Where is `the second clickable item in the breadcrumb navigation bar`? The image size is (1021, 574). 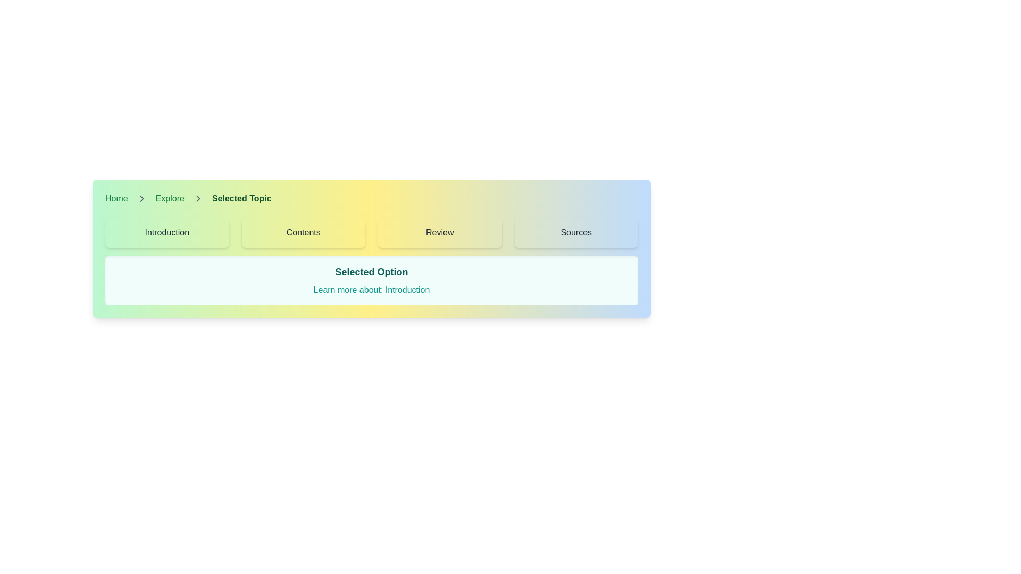
the second clickable item in the breadcrumb navigation bar is located at coordinates (169, 199).